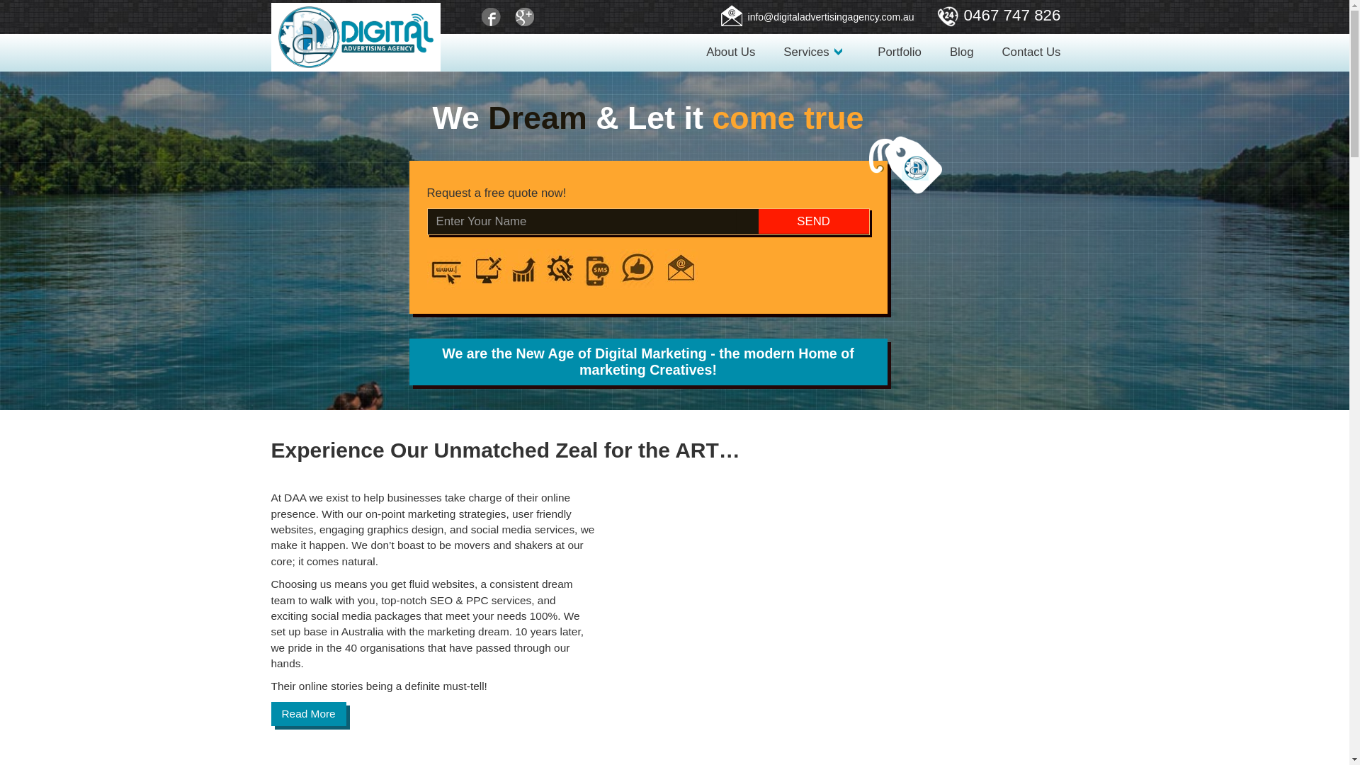 The width and height of the screenshot is (1360, 765). What do you see at coordinates (523, 17) in the screenshot?
I see `'Google+'` at bounding box center [523, 17].